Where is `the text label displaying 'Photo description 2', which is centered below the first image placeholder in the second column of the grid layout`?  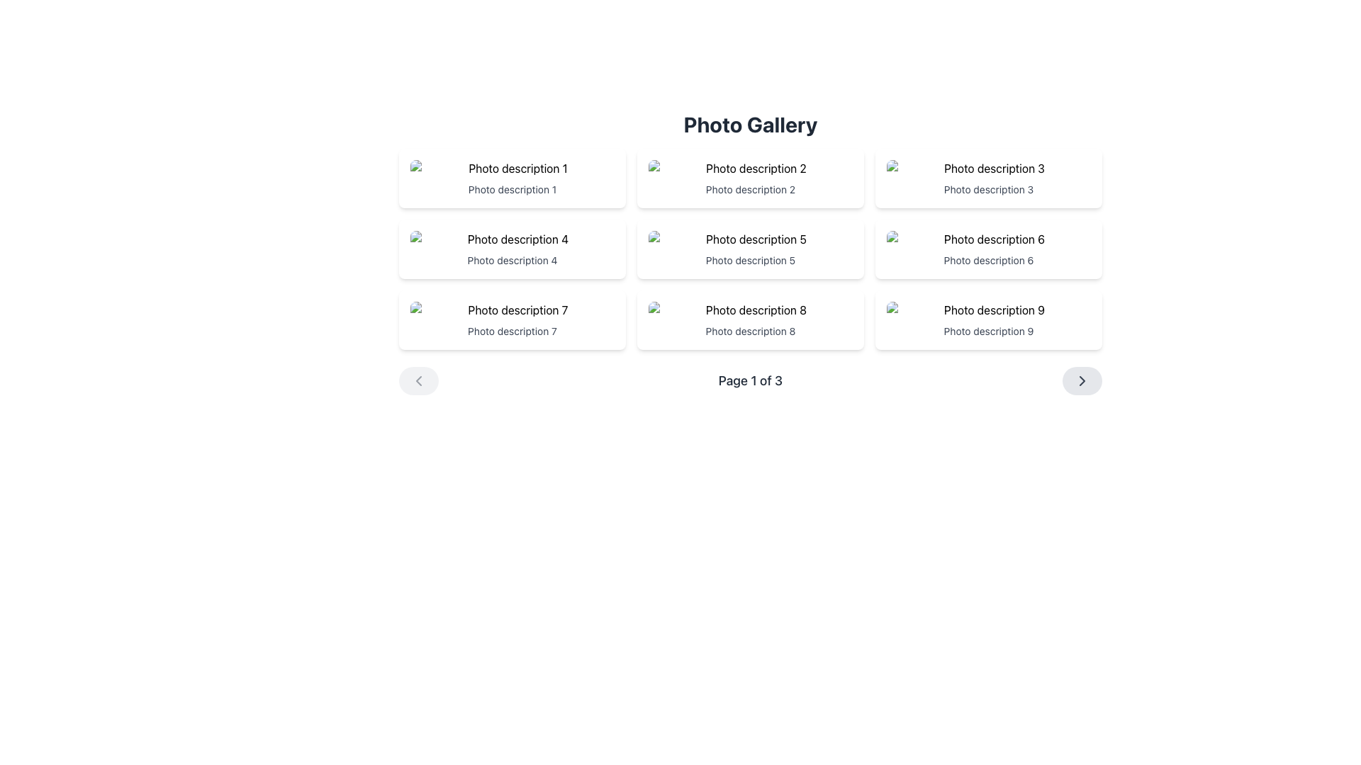 the text label displaying 'Photo description 2', which is centered below the first image placeholder in the second column of the grid layout is located at coordinates (750, 188).